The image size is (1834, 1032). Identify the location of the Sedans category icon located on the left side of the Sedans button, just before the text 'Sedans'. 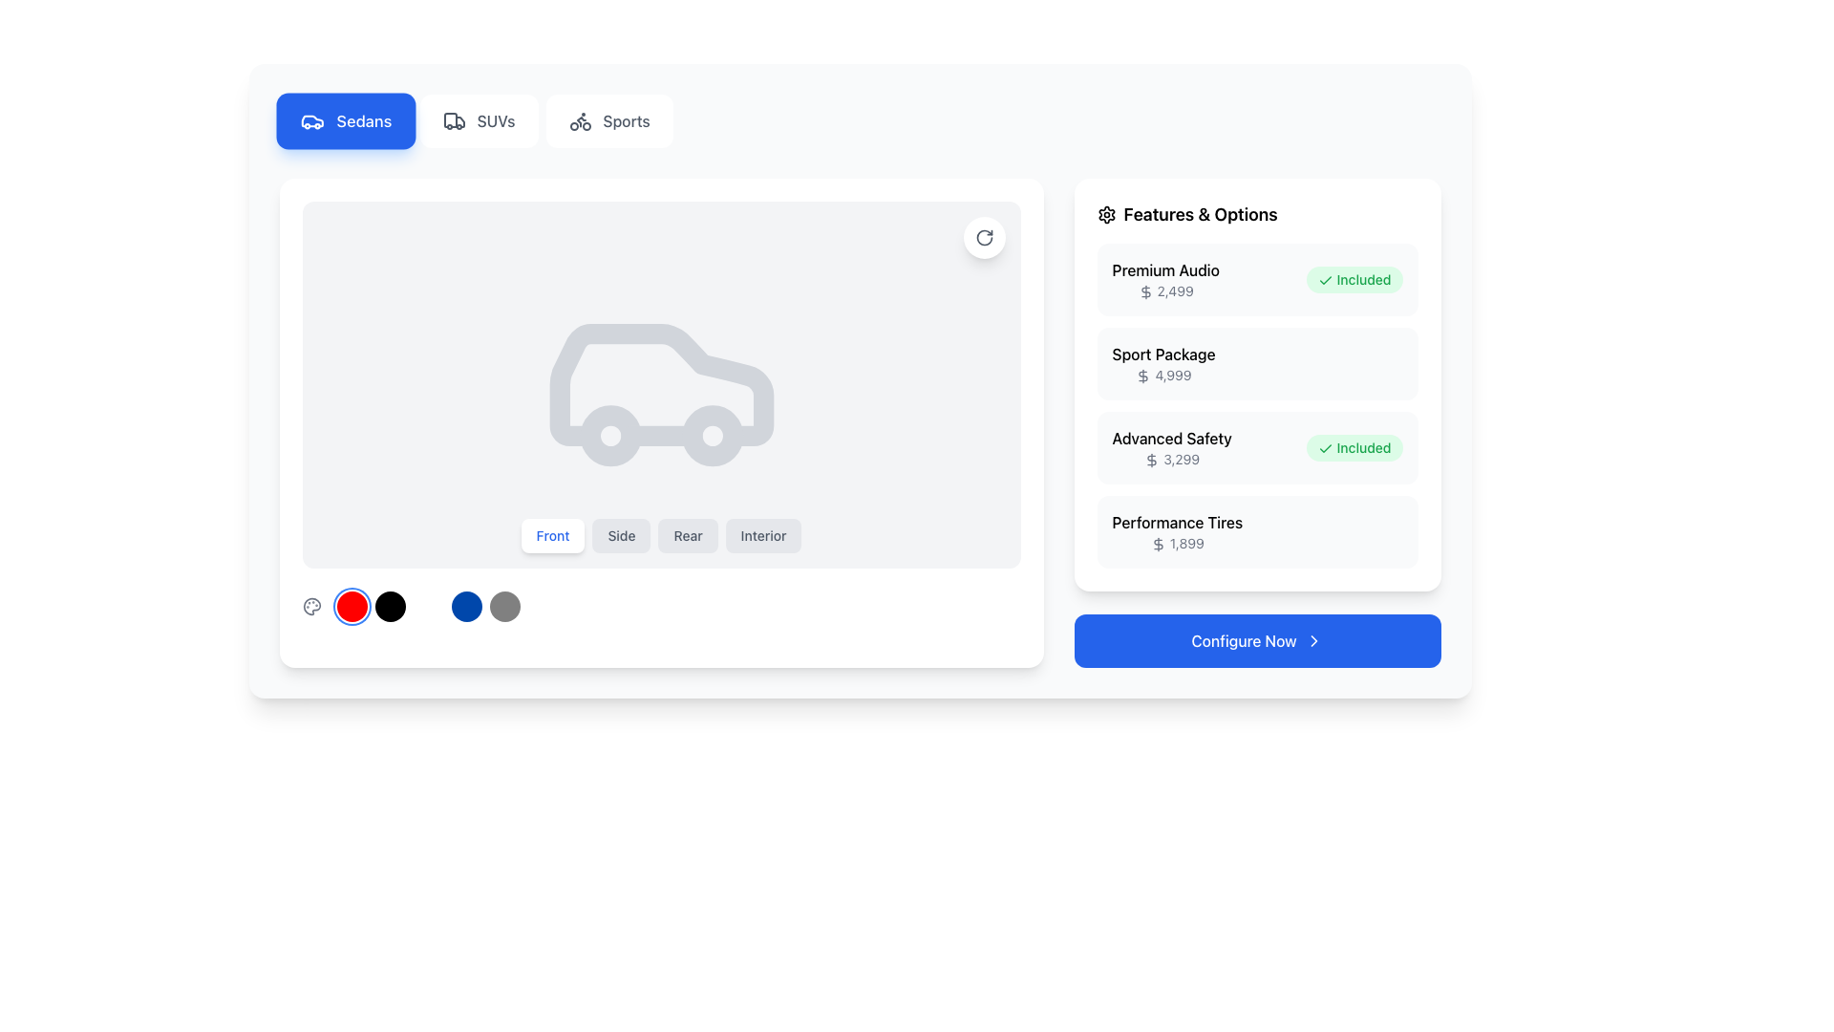
(311, 121).